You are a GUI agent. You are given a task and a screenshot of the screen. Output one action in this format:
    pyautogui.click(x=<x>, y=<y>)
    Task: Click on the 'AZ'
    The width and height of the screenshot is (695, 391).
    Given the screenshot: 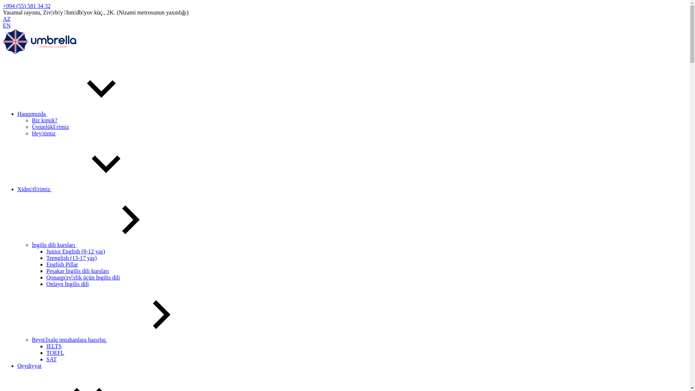 What is the action you would take?
    pyautogui.click(x=7, y=18)
    